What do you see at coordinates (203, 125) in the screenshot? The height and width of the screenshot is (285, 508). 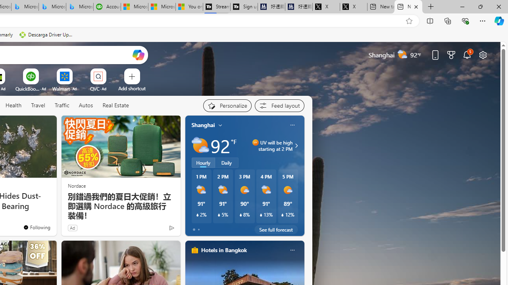 I see `'Shanghai'` at bounding box center [203, 125].